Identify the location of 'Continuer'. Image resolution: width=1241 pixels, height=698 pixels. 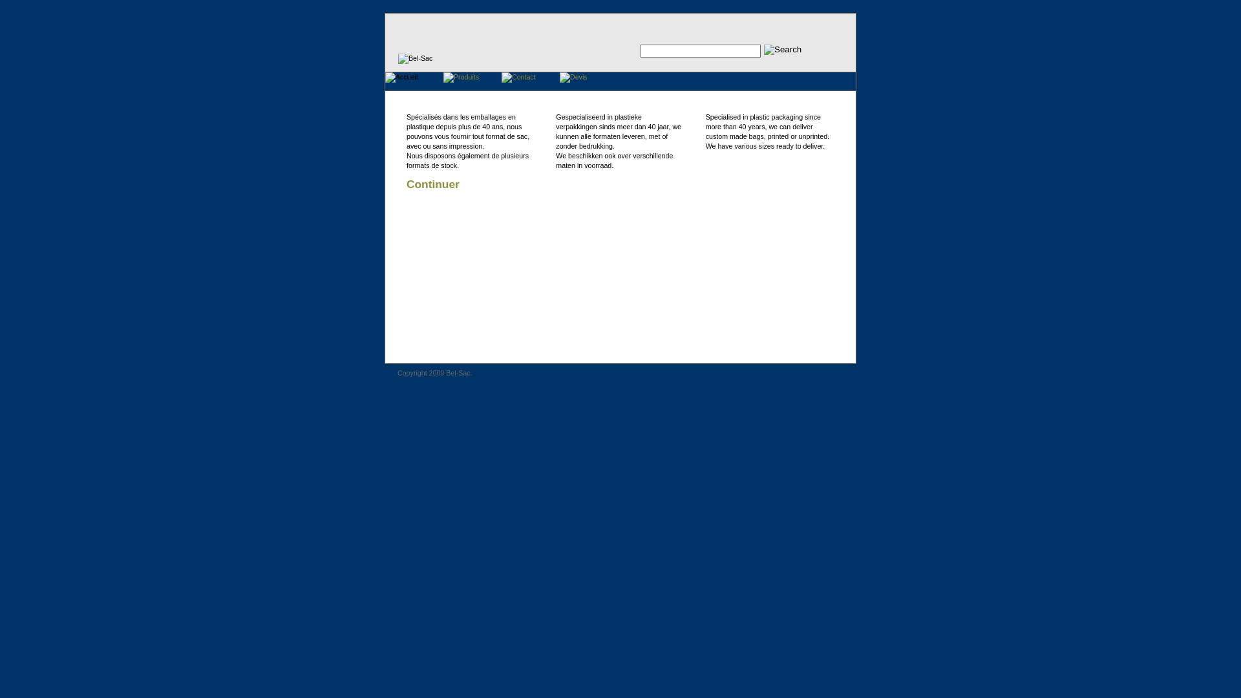
(405, 184).